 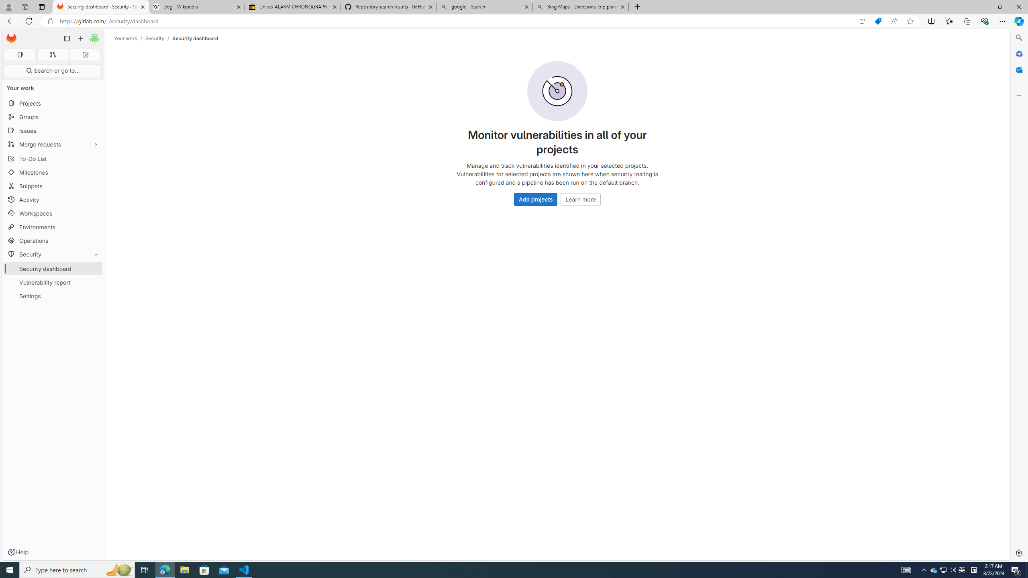 I want to click on 'SecuritySecurity dashboardVulnerability reportSettings', so click(x=52, y=275).